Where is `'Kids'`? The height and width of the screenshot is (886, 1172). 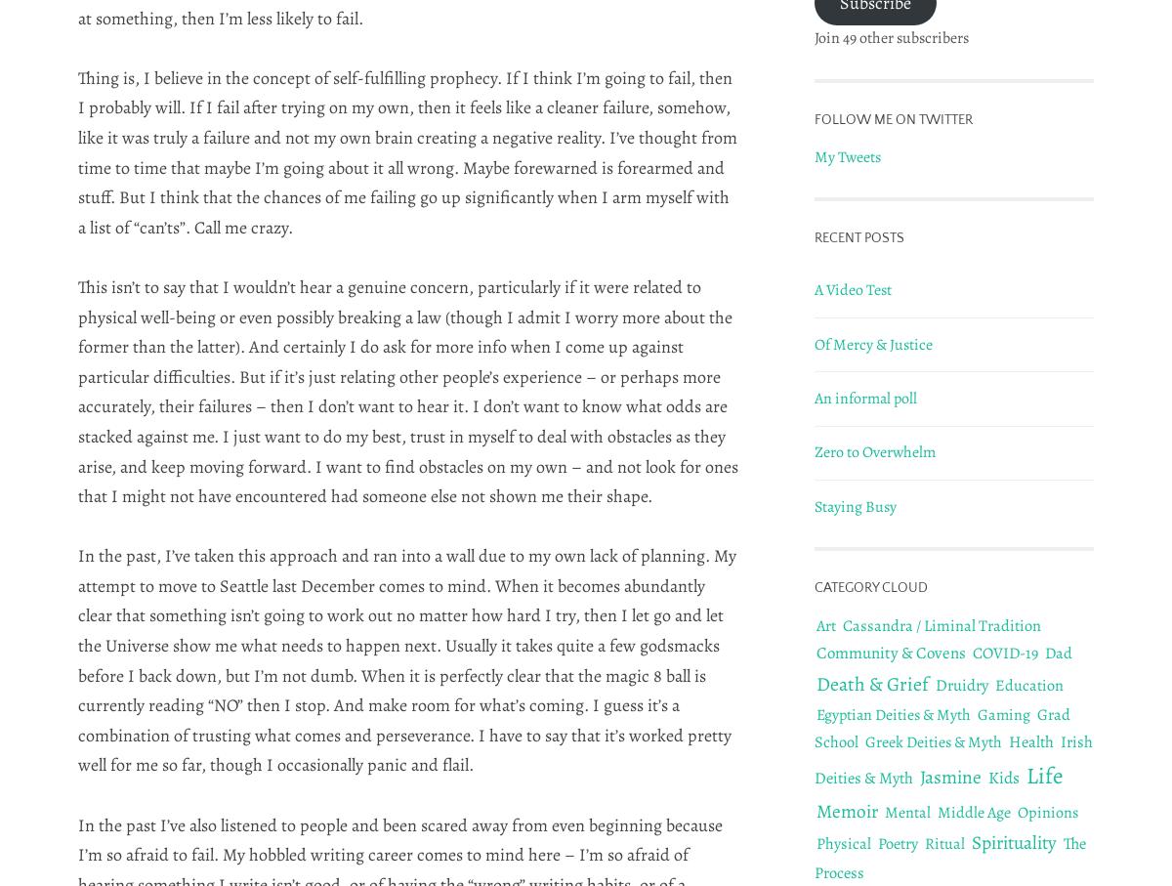
'Kids' is located at coordinates (1004, 776).